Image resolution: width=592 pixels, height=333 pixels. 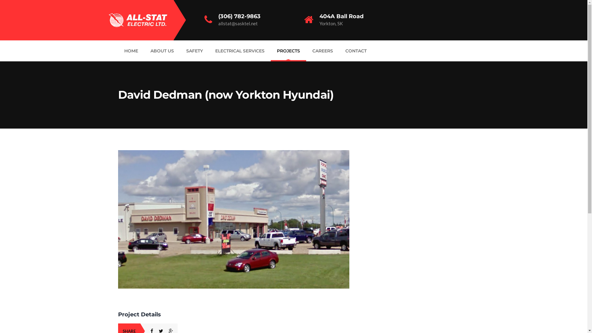 What do you see at coordinates (130, 51) in the screenshot?
I see `'HOME'` at bounding box center [130, 51].